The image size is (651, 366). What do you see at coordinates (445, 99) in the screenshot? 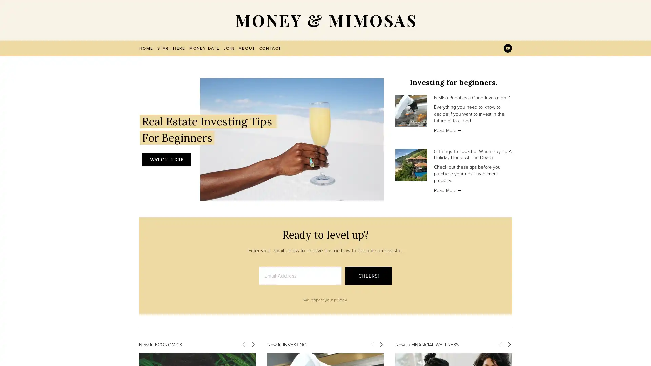
I see `Close` at bounding box center [445, 99].